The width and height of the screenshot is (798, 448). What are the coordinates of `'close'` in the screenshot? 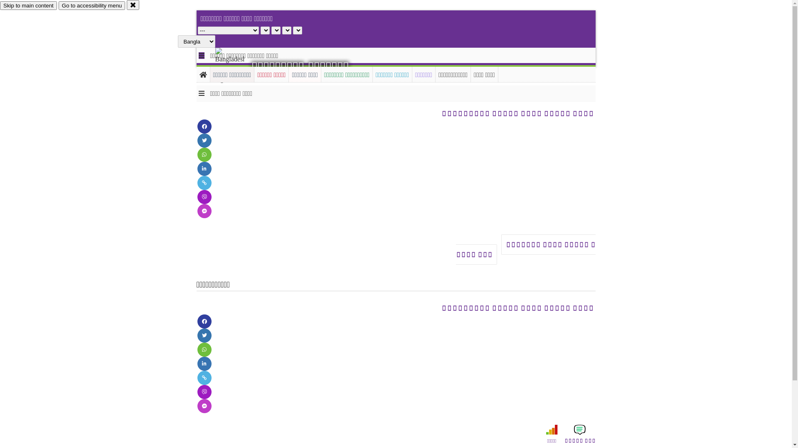 It's located at (133, 5).